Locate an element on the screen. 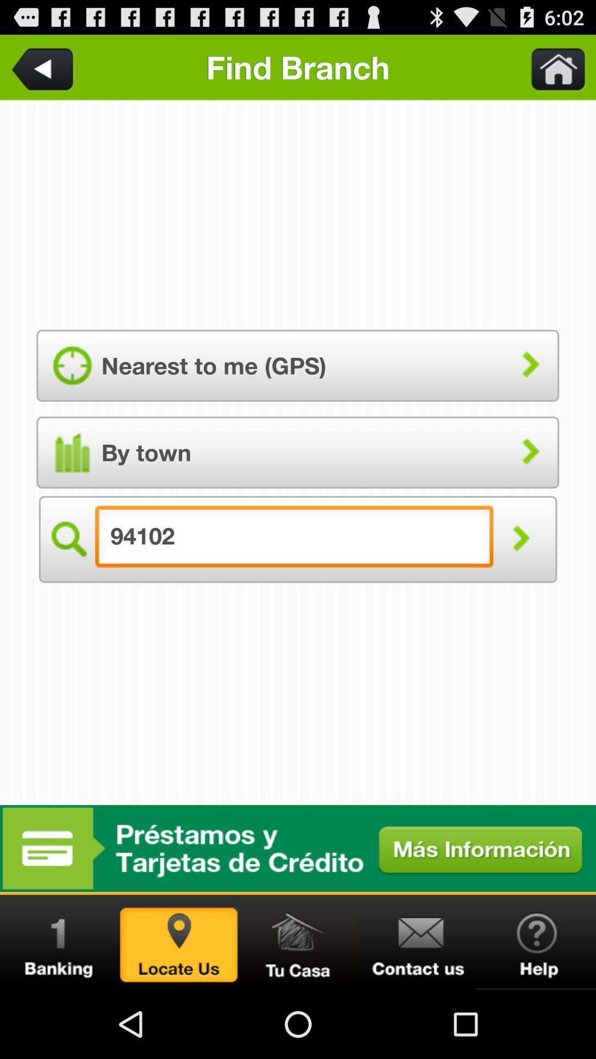 The width and height of the screenshot is (596, 1059). search by text is located at coordinates (520, 539).